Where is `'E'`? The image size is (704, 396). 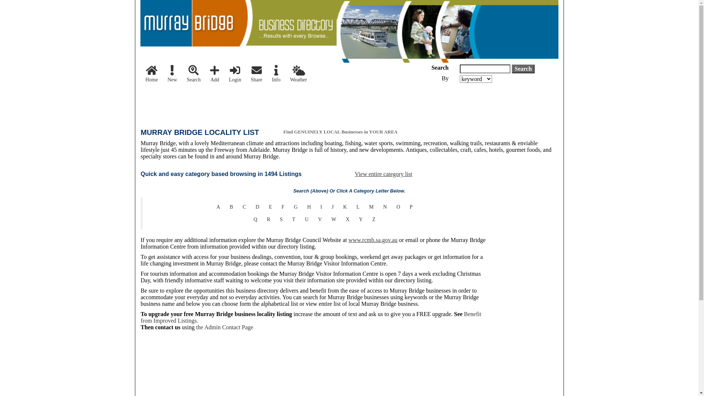 'E' is located at coordinates (264, 207).